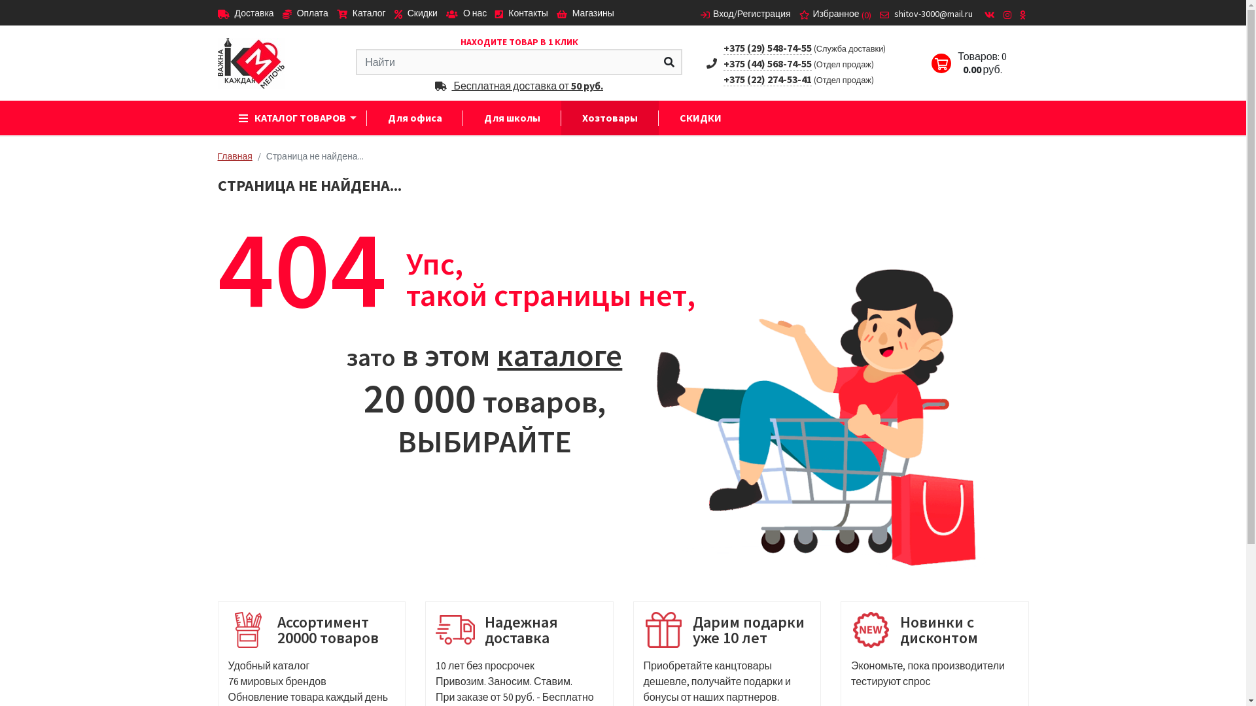  What do you see at coordinates (925, 14) in the screenshot?
I see `'shitov-3000@mail.ru'` at bounding box center [925, 14].